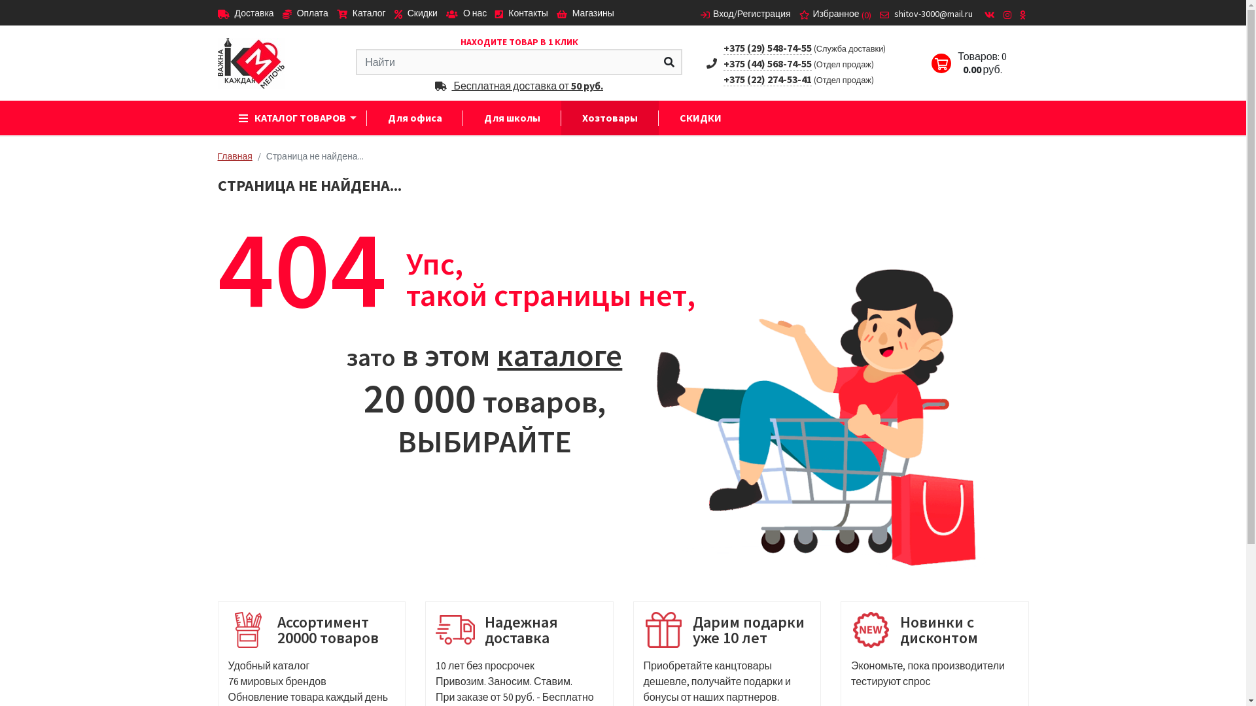  What do you see at coordinates (925, 14) in the screenshot?
I see `'shitov-3000@mail.ru'` at bounding box center [925, 14].